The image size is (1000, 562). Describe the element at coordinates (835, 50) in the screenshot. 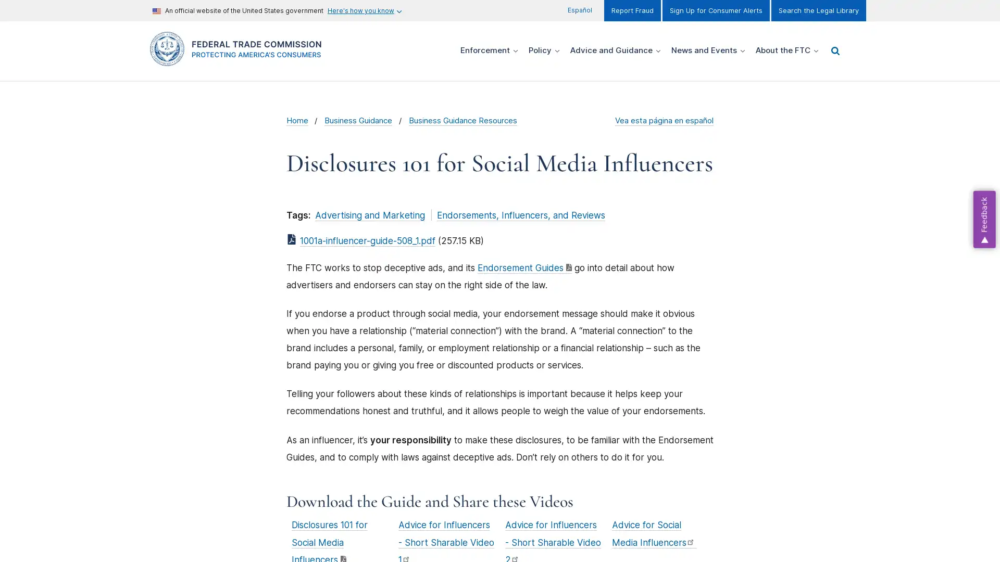

I see `Show/hide Search menu items` at that location.